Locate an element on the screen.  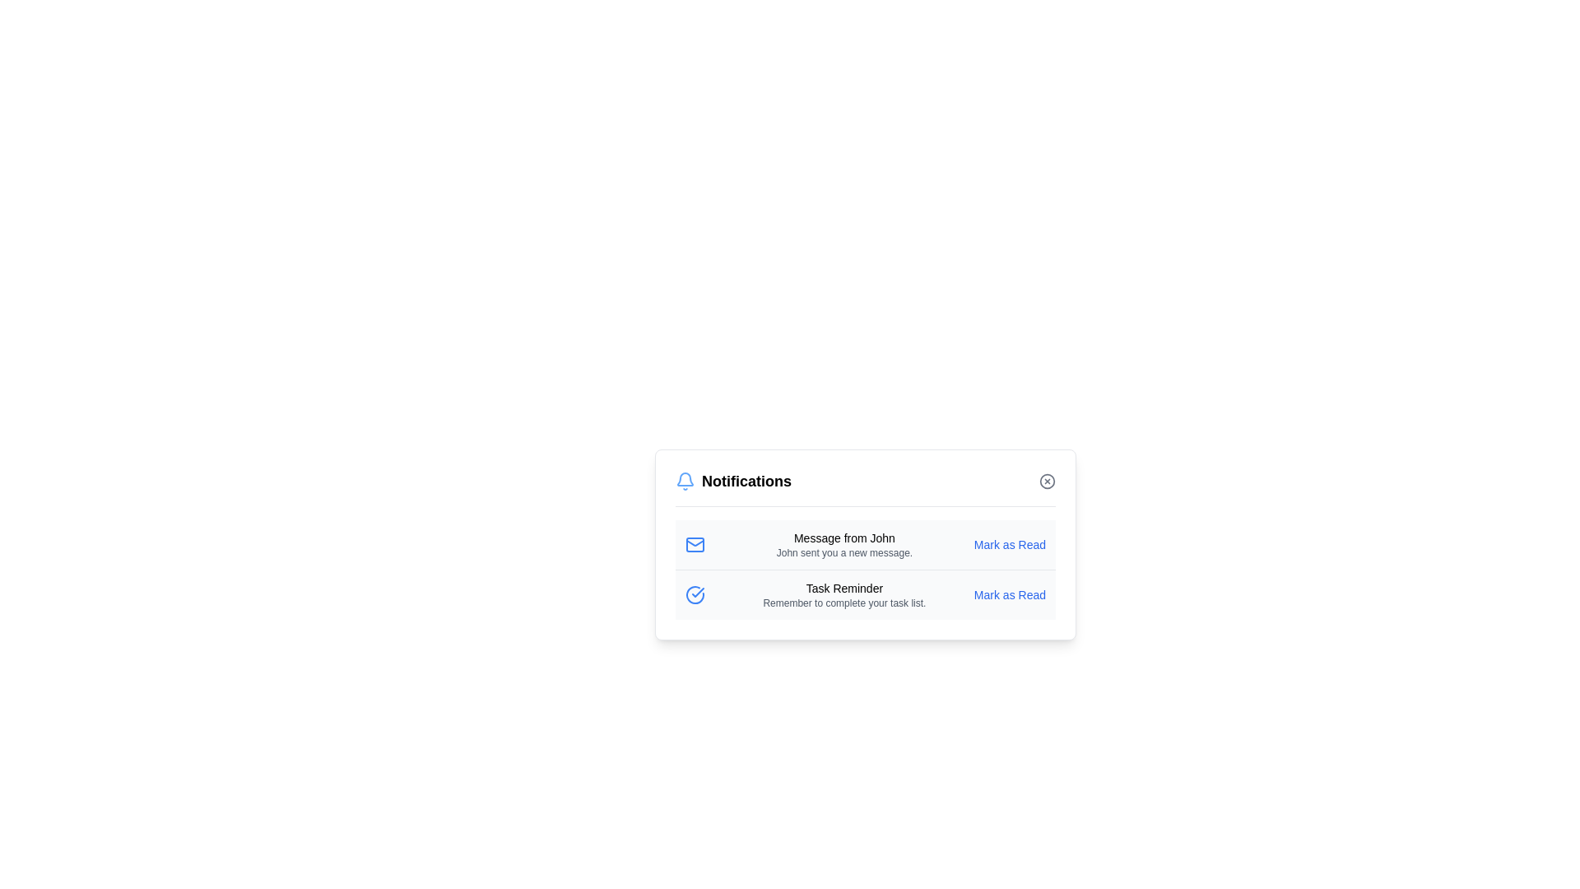
the notifications icon located at the far left of the notifications section, which serves as a symbolic representation for alerts is located at coordinates (685, 482).